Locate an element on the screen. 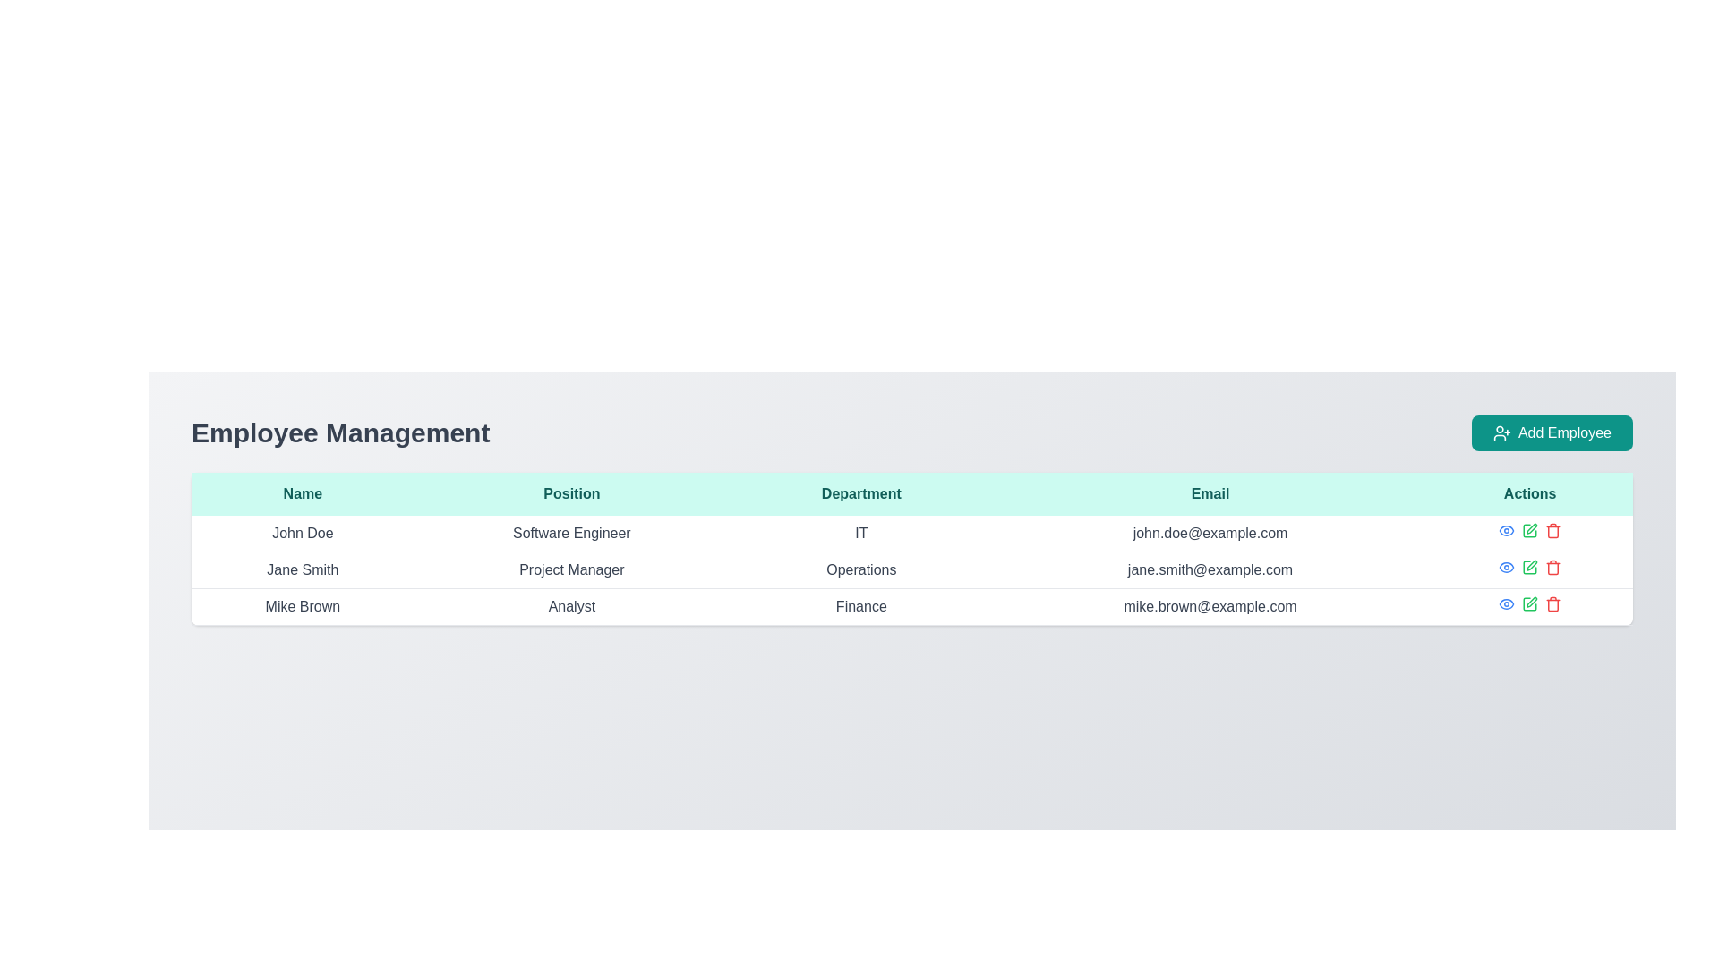  the delete button located in the 'Actions' column of the table is located at coordinates (1552, 567).